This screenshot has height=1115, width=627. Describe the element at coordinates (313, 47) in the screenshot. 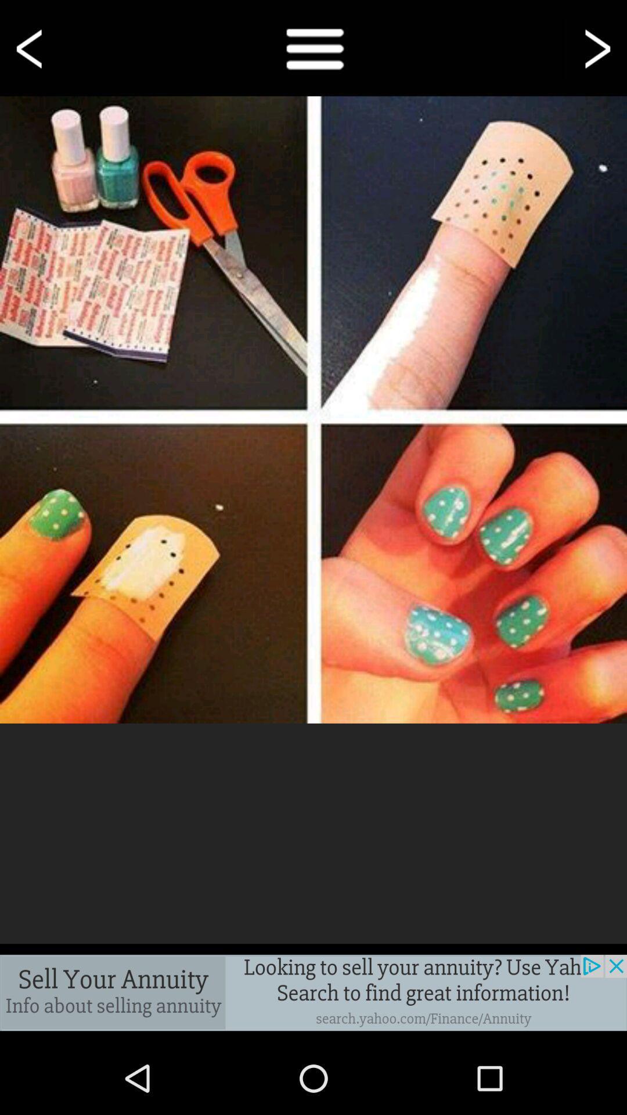

I see `open menu` at that location.